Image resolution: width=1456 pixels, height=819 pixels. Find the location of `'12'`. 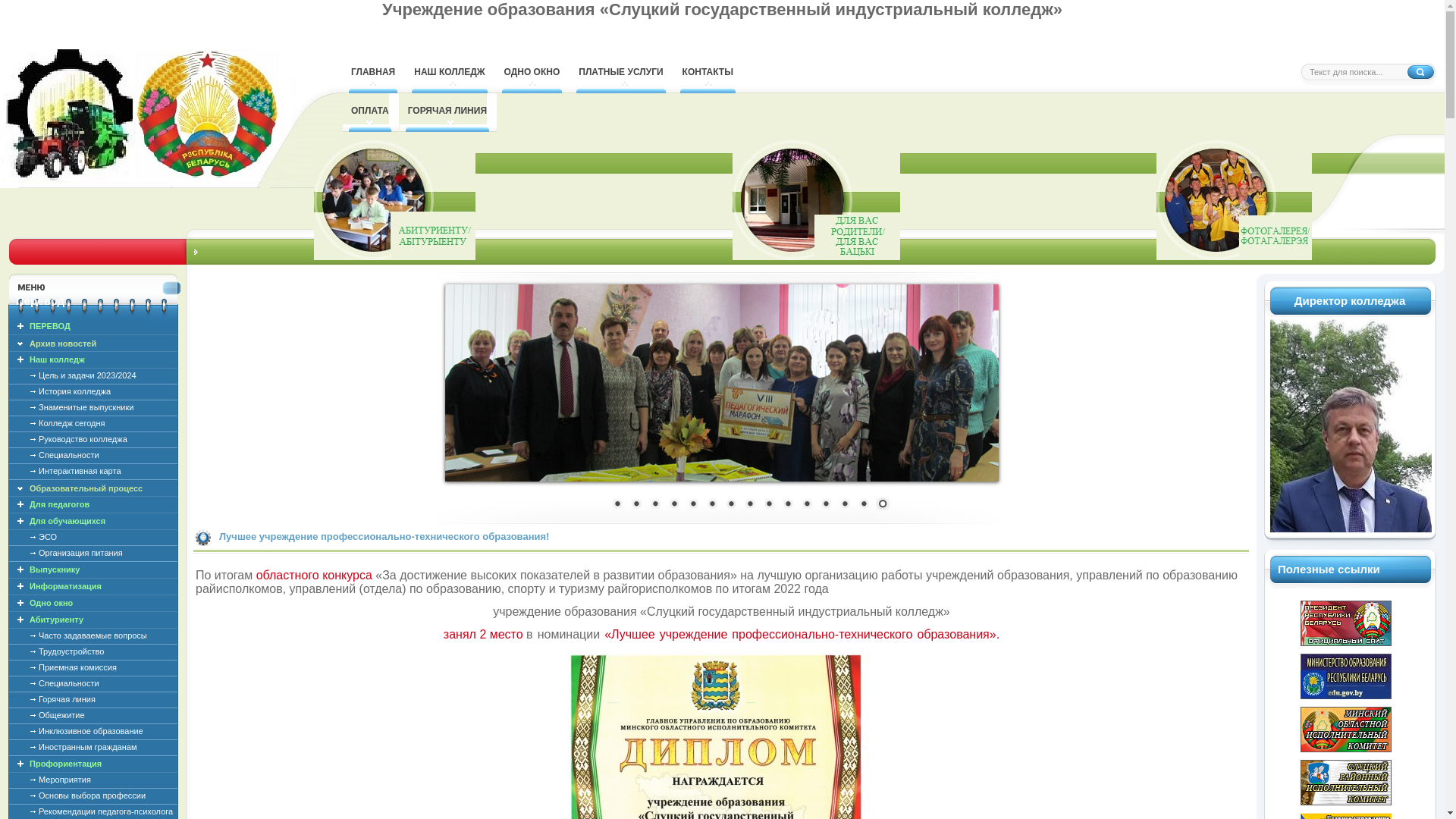

'12' is located at coordinates (825, 505).